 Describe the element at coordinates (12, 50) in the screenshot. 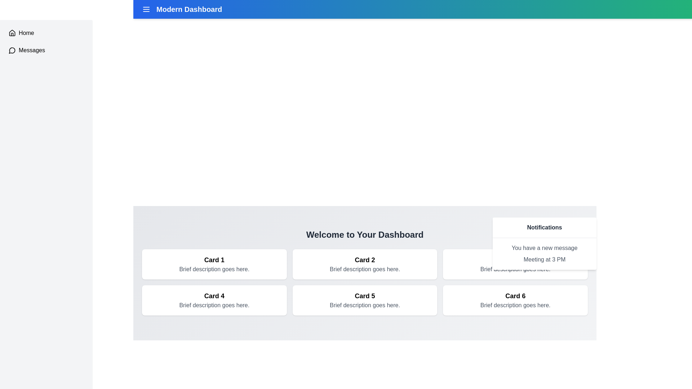

I see `the 'Messages' icon located in the left-side navigation menu, which is the first element before the 'Messages' label` at that location.